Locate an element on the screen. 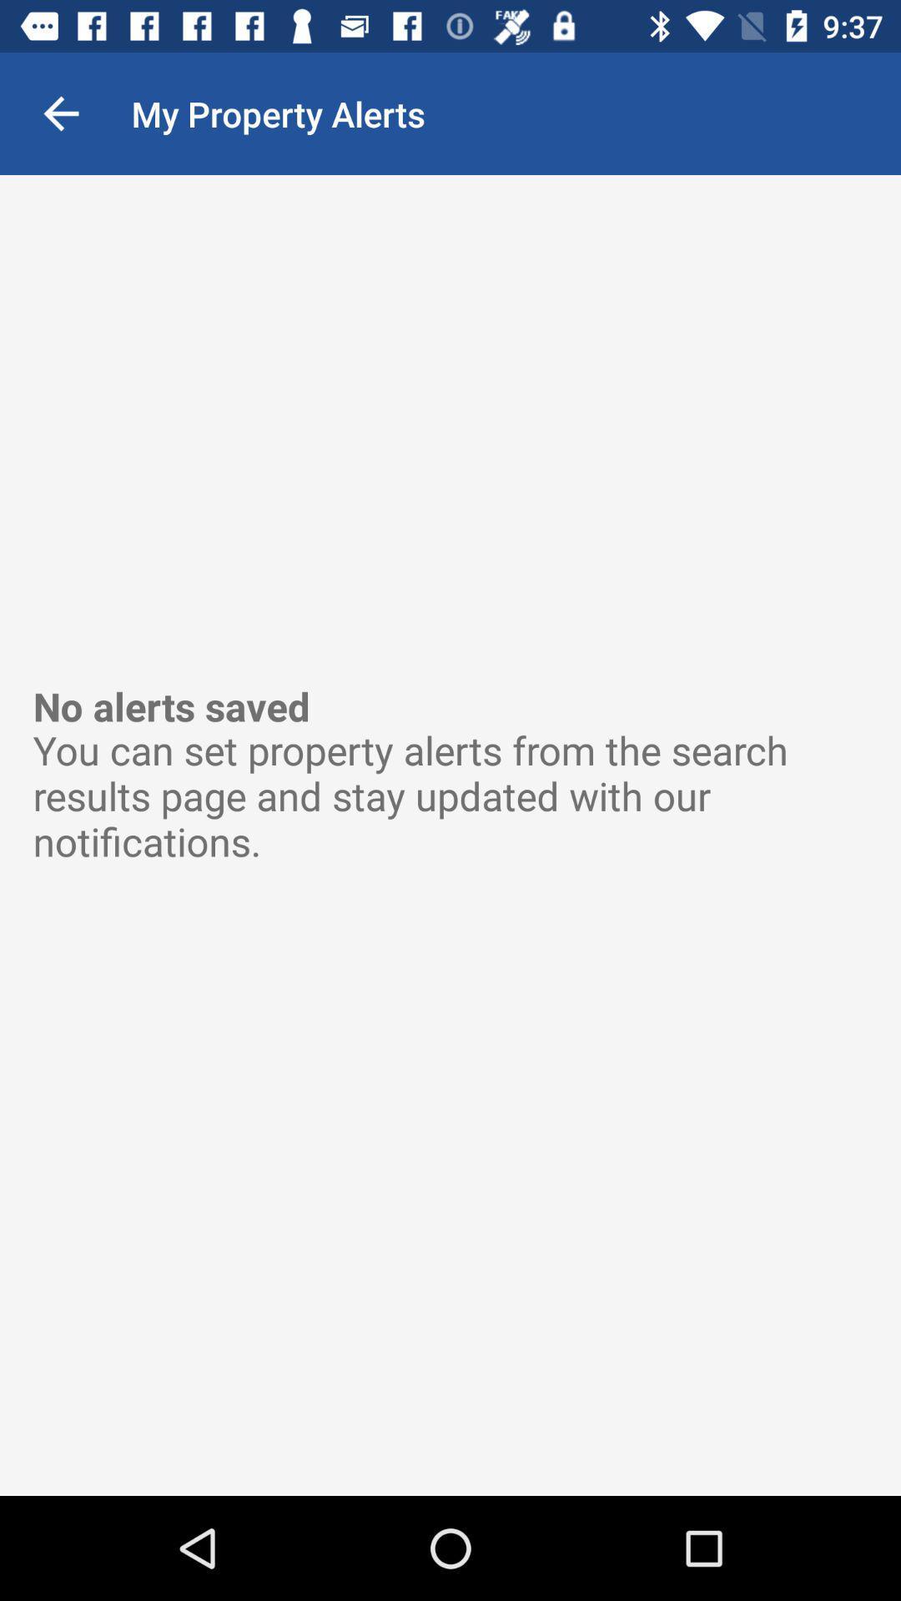 Image resolution: width=901 pixels, height=1601 pixels. icon above no alerts saved is located at coordinates (60, 113).